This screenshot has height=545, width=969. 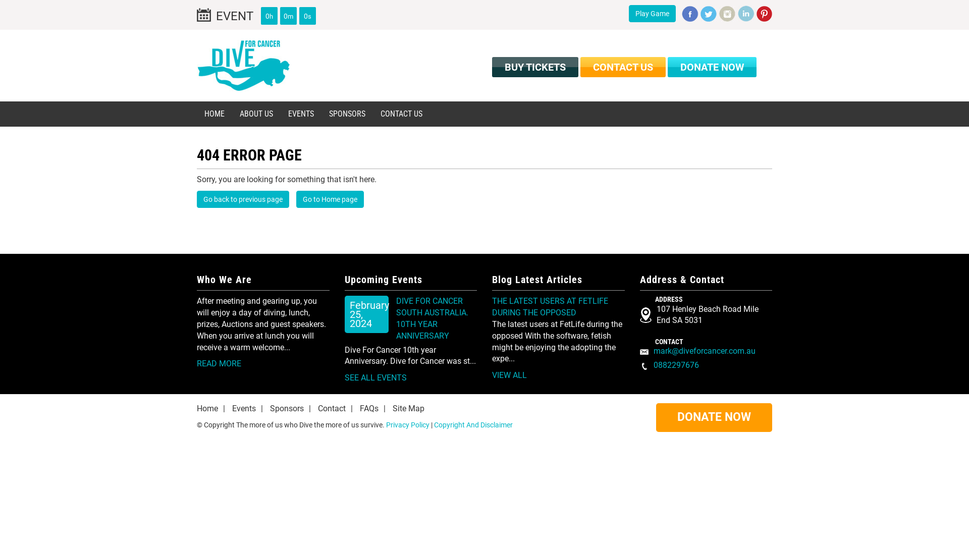 I want to click on 'Go to Home page', so click(x=330, y=199).